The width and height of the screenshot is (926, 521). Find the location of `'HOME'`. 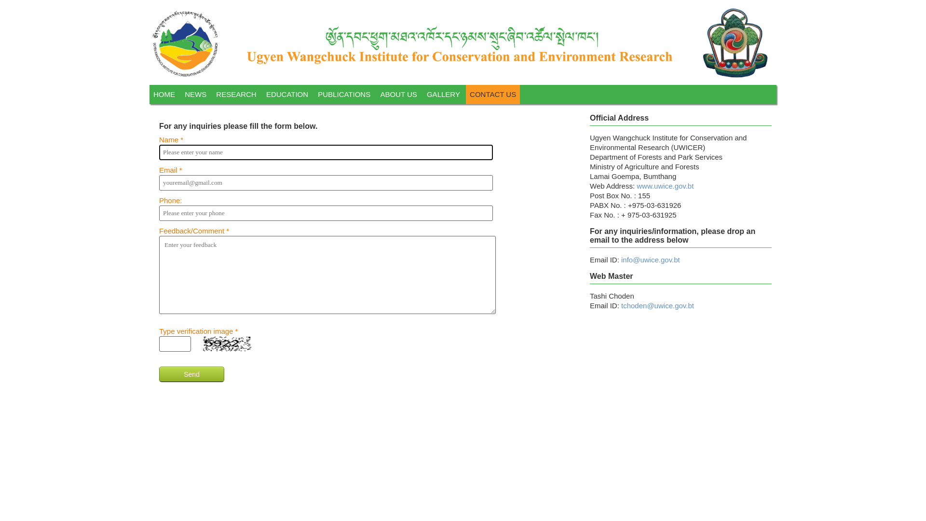

'HOME' is located at coordinates (164, 95).